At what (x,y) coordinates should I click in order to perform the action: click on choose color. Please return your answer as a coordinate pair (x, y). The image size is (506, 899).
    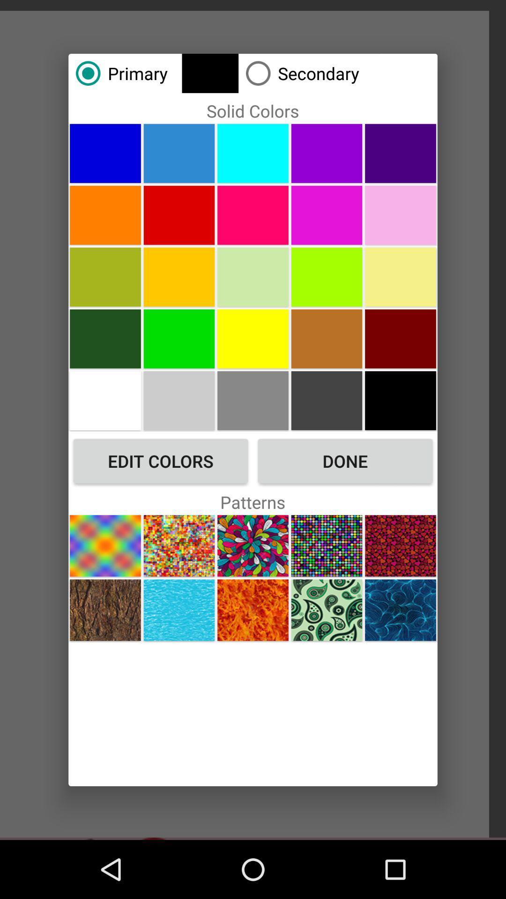
    Looking at the image, I should click on (326, 214).